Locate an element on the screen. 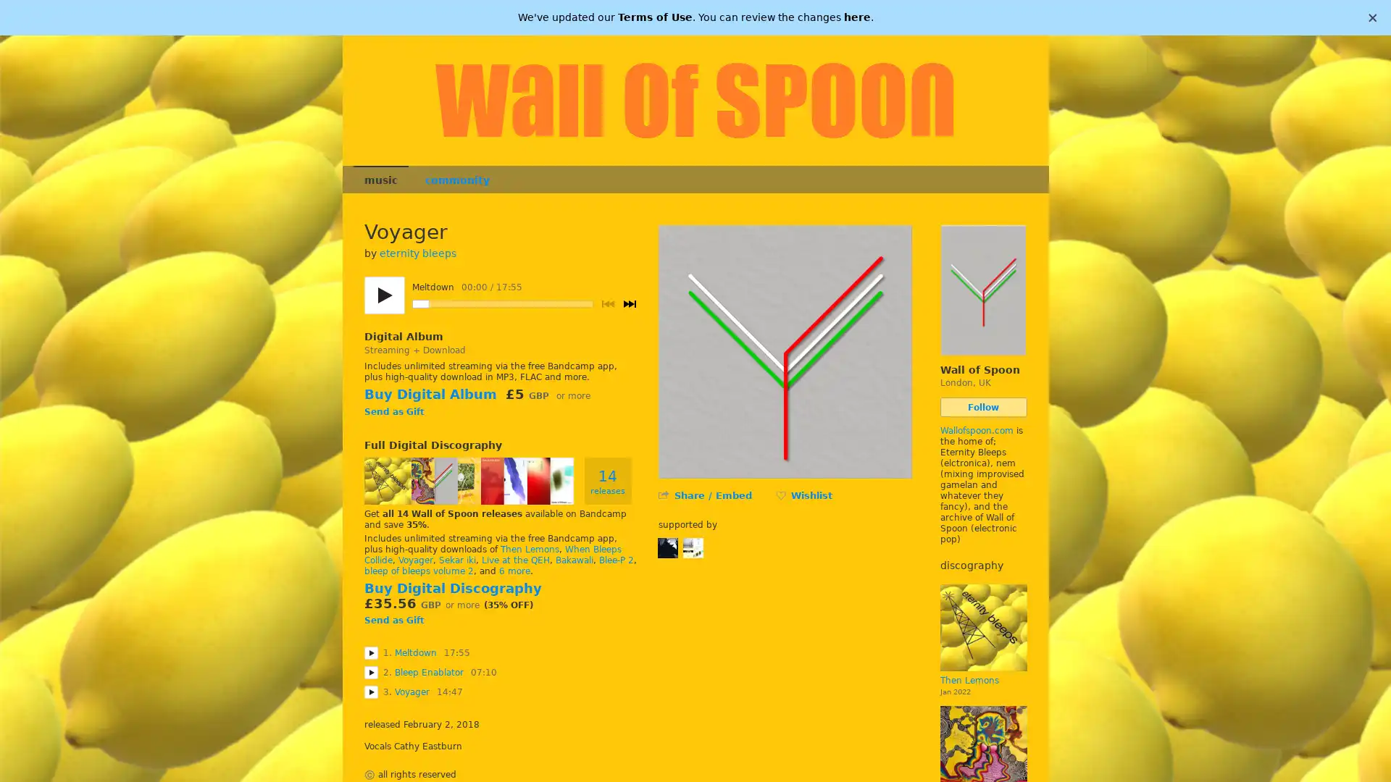 This screenshot has width=1391, height=782. Share / Embed is located at coordinates (712, 495).